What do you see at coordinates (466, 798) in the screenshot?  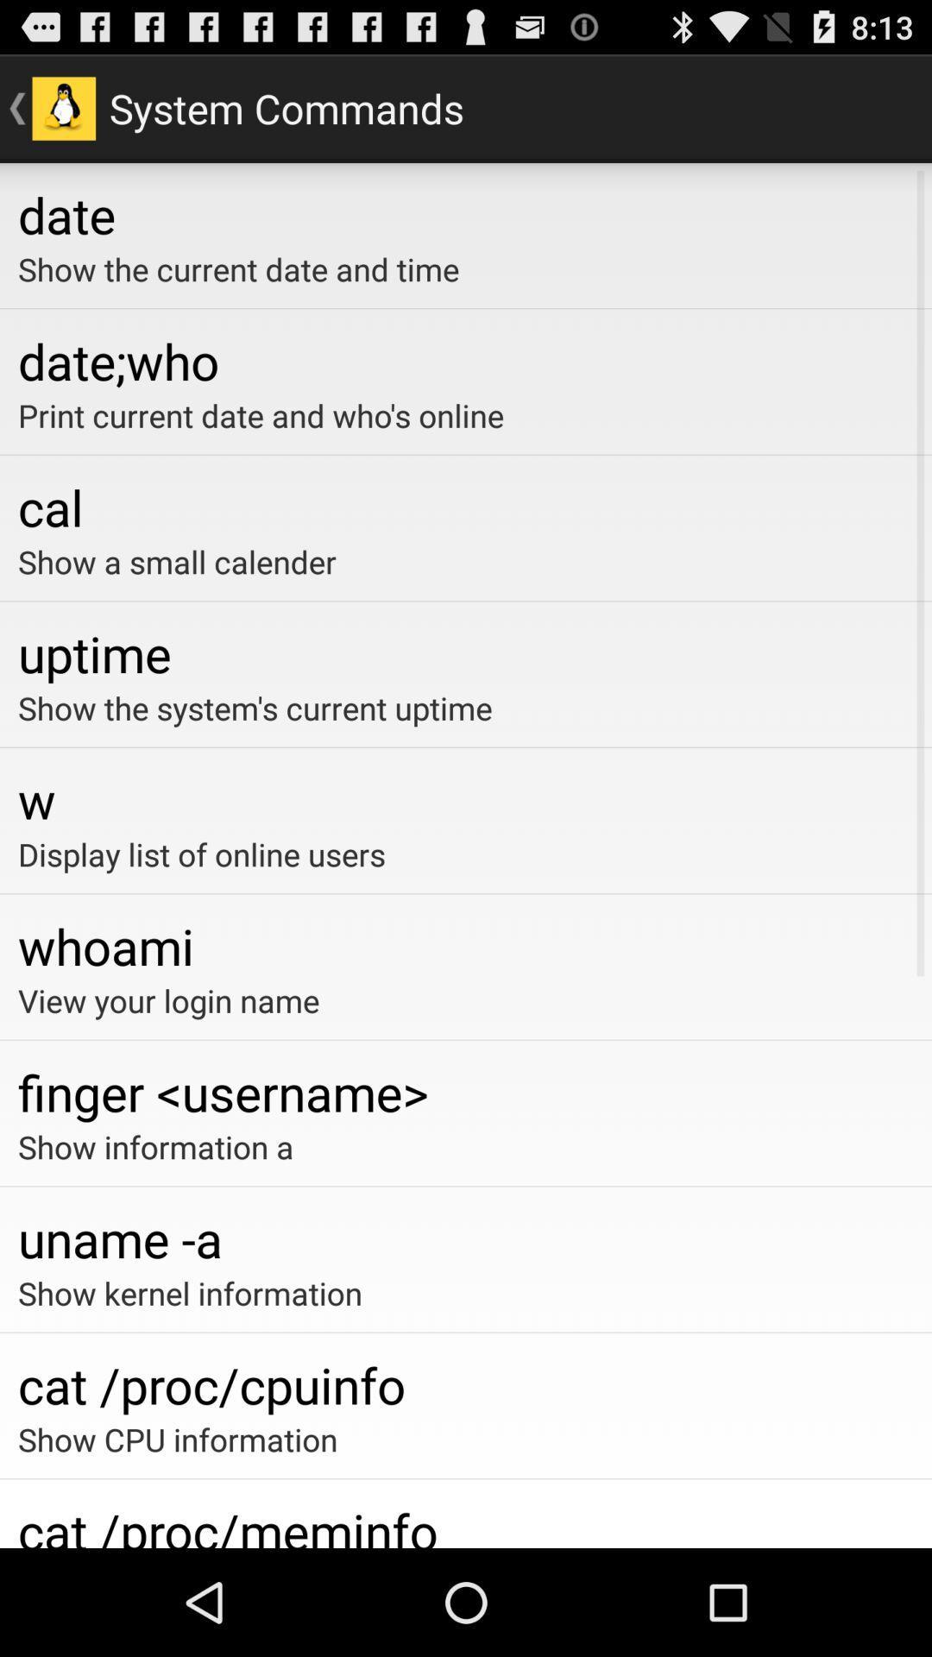 I see `app below show the system app` at bounding box center [466, 798].